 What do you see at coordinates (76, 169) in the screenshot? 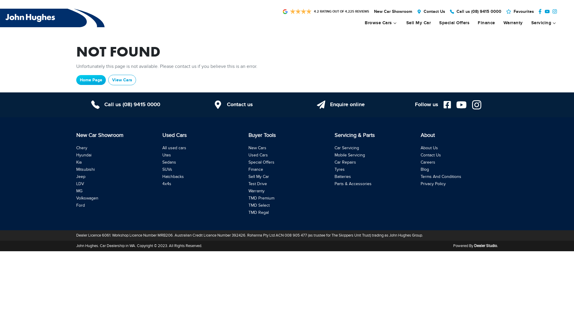
I see `'Mitsubishi'` at bounding box center [76, 169].